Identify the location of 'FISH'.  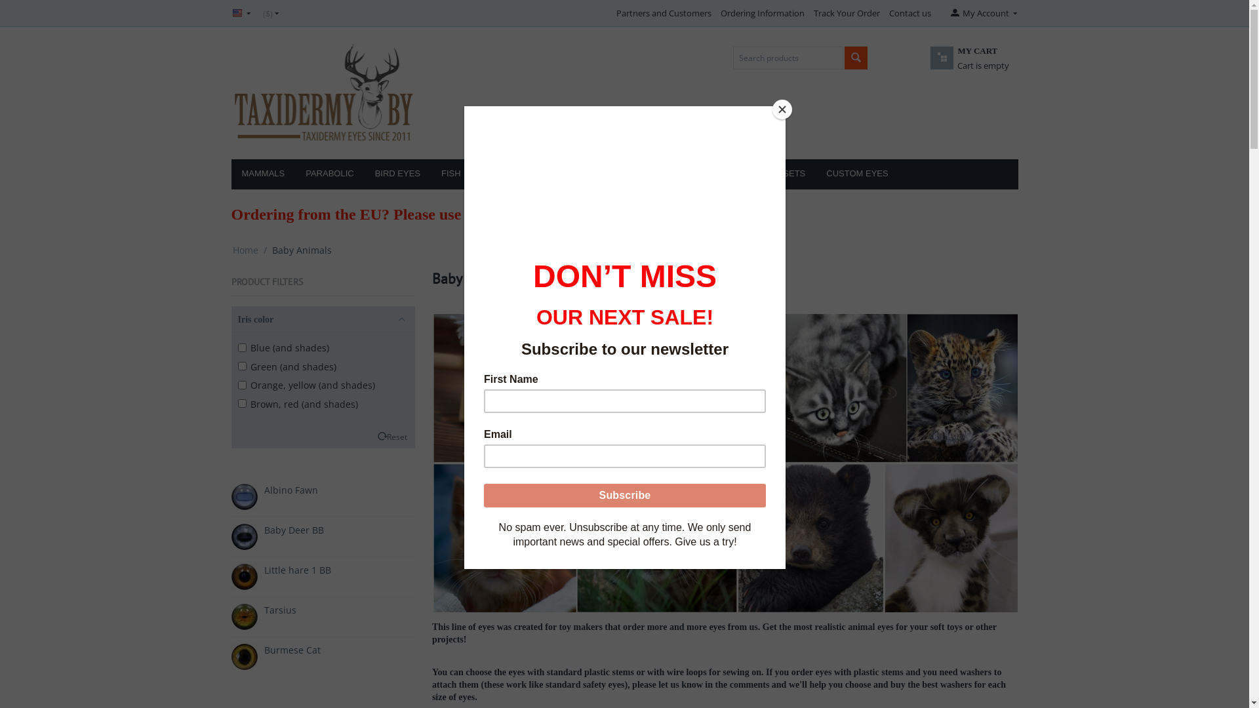
(431, 174).